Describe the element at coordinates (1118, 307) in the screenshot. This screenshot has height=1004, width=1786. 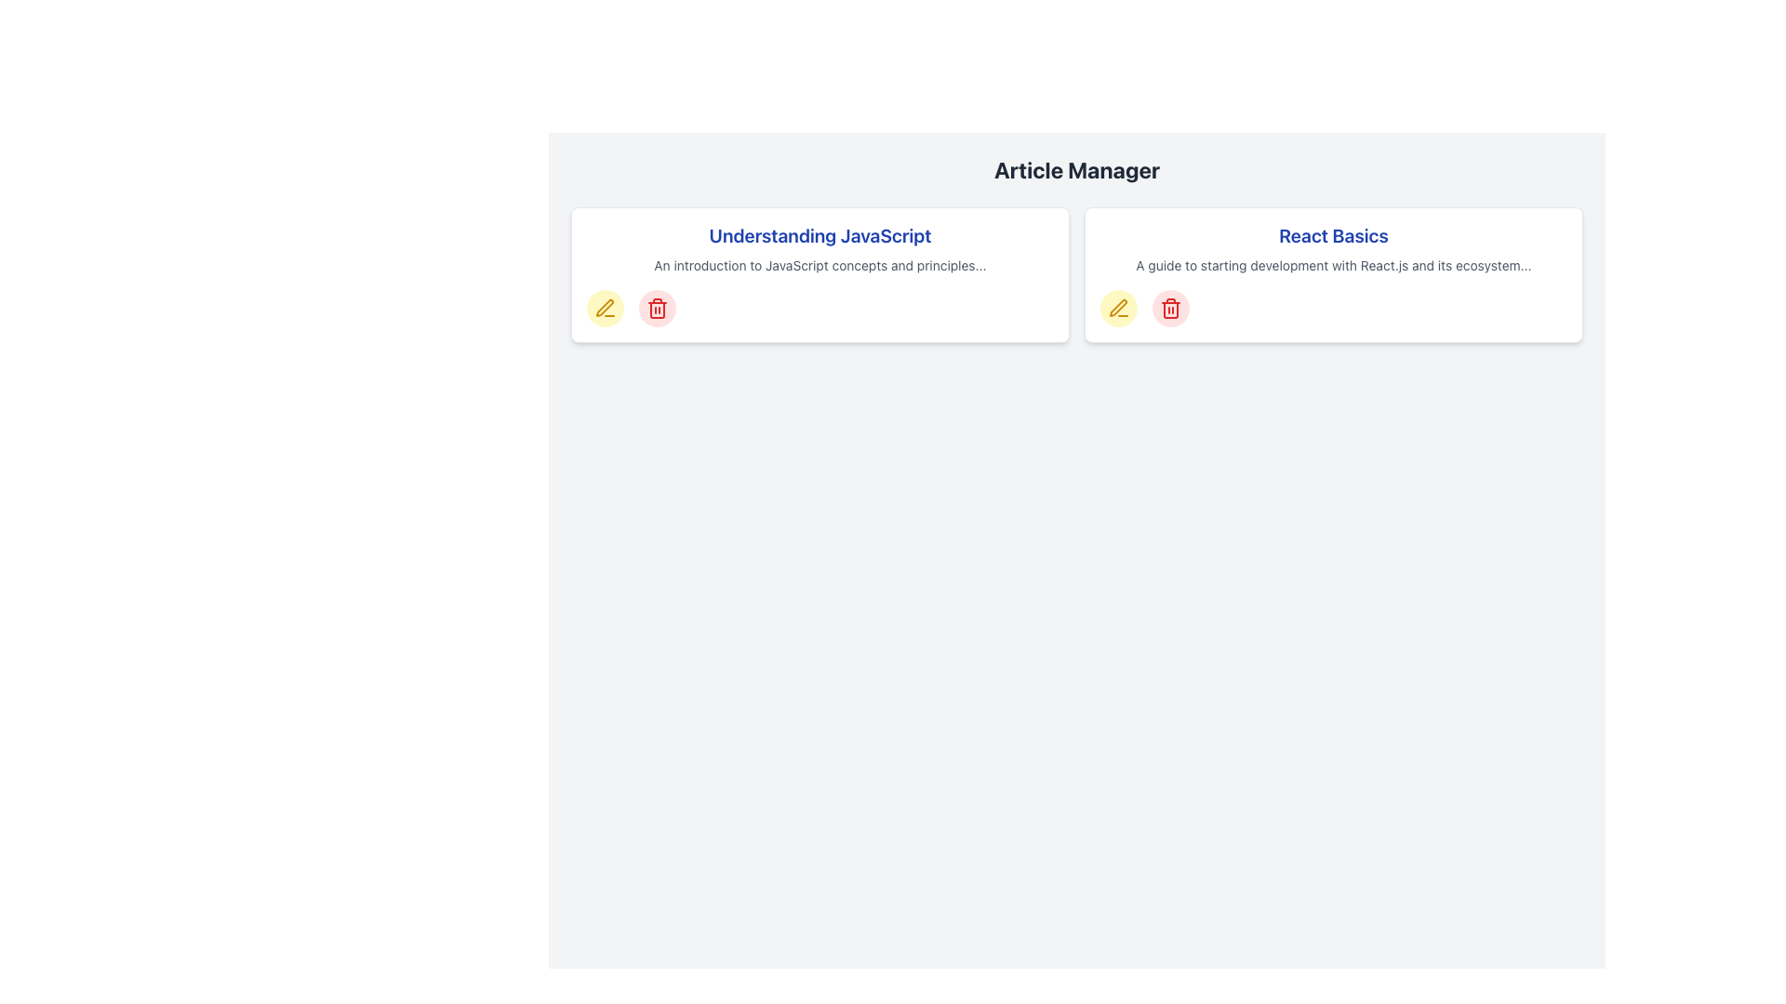
I see `the edit button for the article titled 'React Basics', which is the first button in the row of action icons below the article title` at that location.